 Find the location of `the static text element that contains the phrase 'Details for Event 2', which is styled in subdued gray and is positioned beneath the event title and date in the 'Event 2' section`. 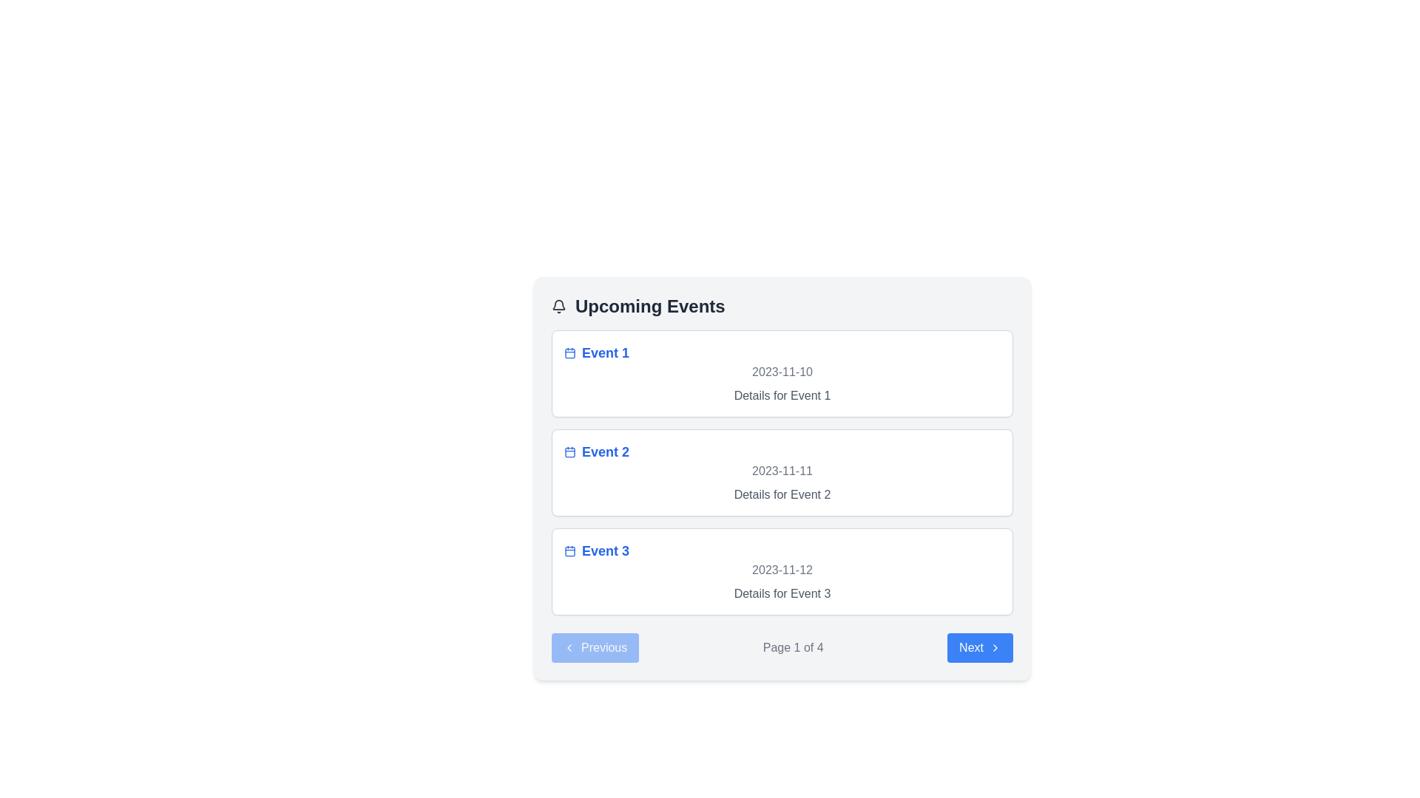

the static text element that contains the phrase 'Details for Event 2', which is styled in subdued gray and is positioned beneath the event title and date in the 'Event 2' section is located at coordinates (781, 495).